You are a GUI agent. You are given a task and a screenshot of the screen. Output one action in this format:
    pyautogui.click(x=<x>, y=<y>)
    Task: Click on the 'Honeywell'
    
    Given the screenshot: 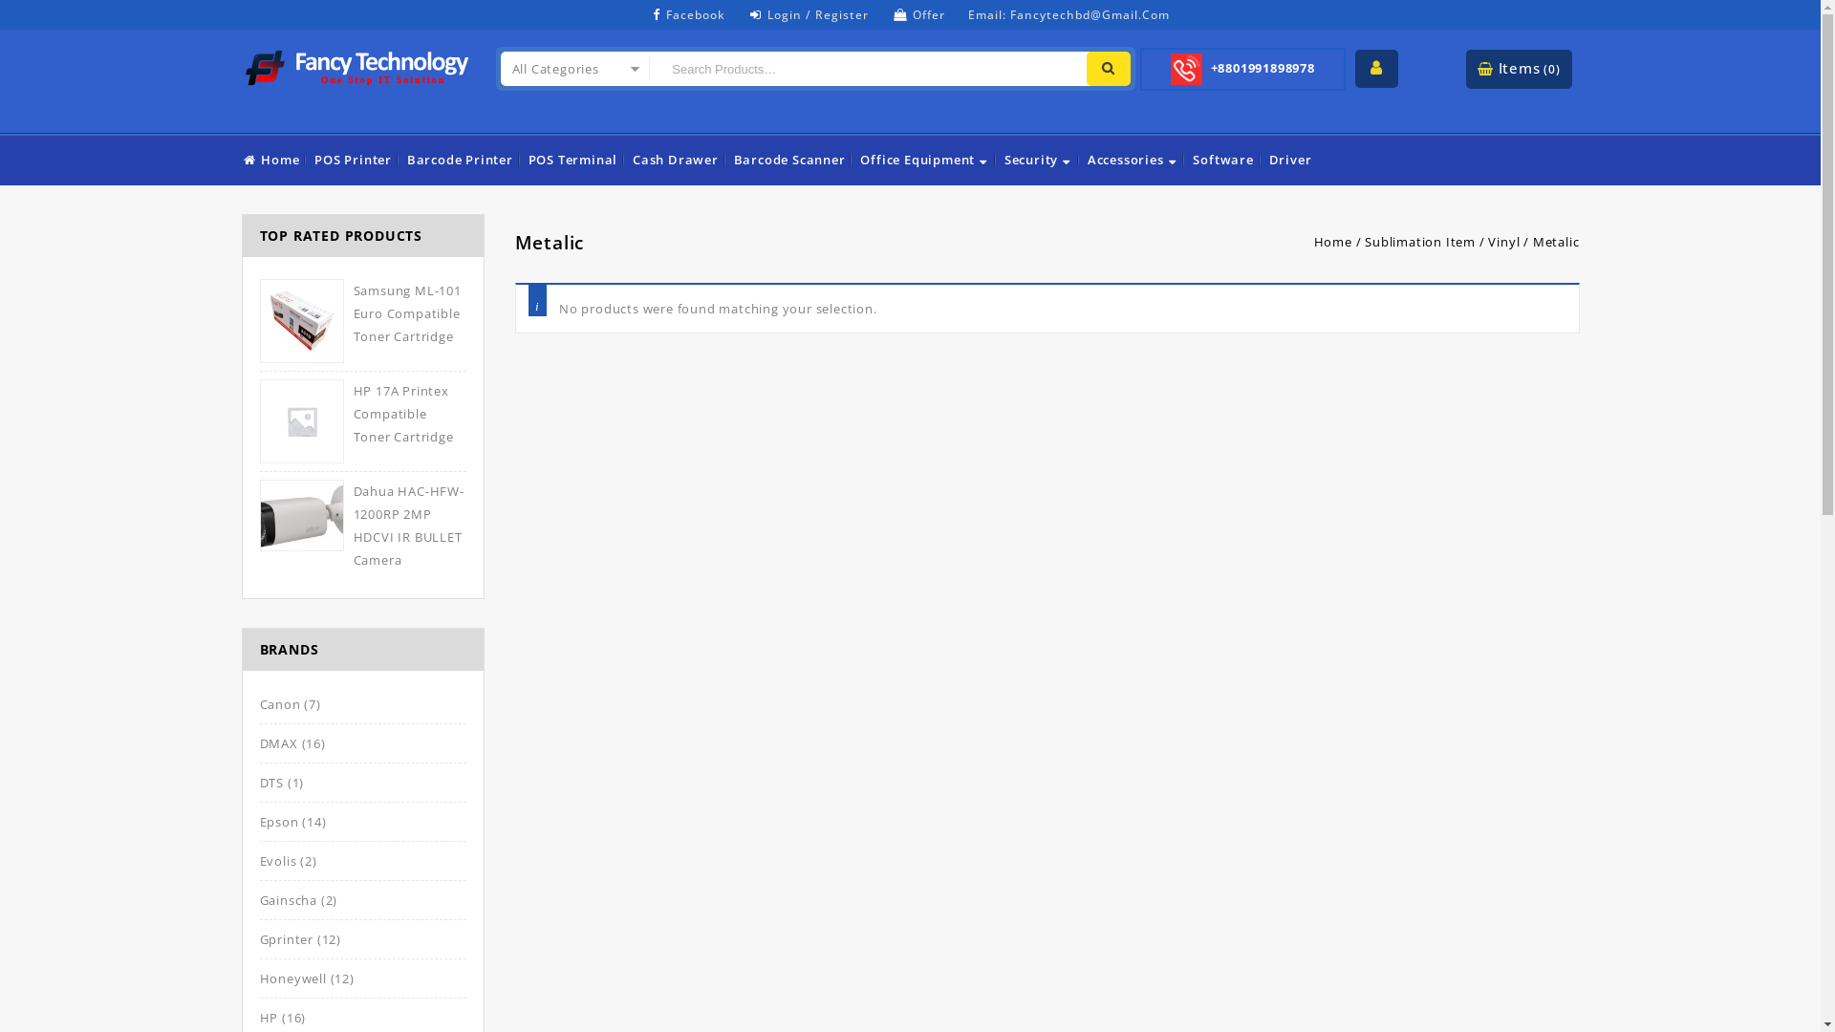 What is the action you would take?
    pyautogui.click(x=292, y=978)
    